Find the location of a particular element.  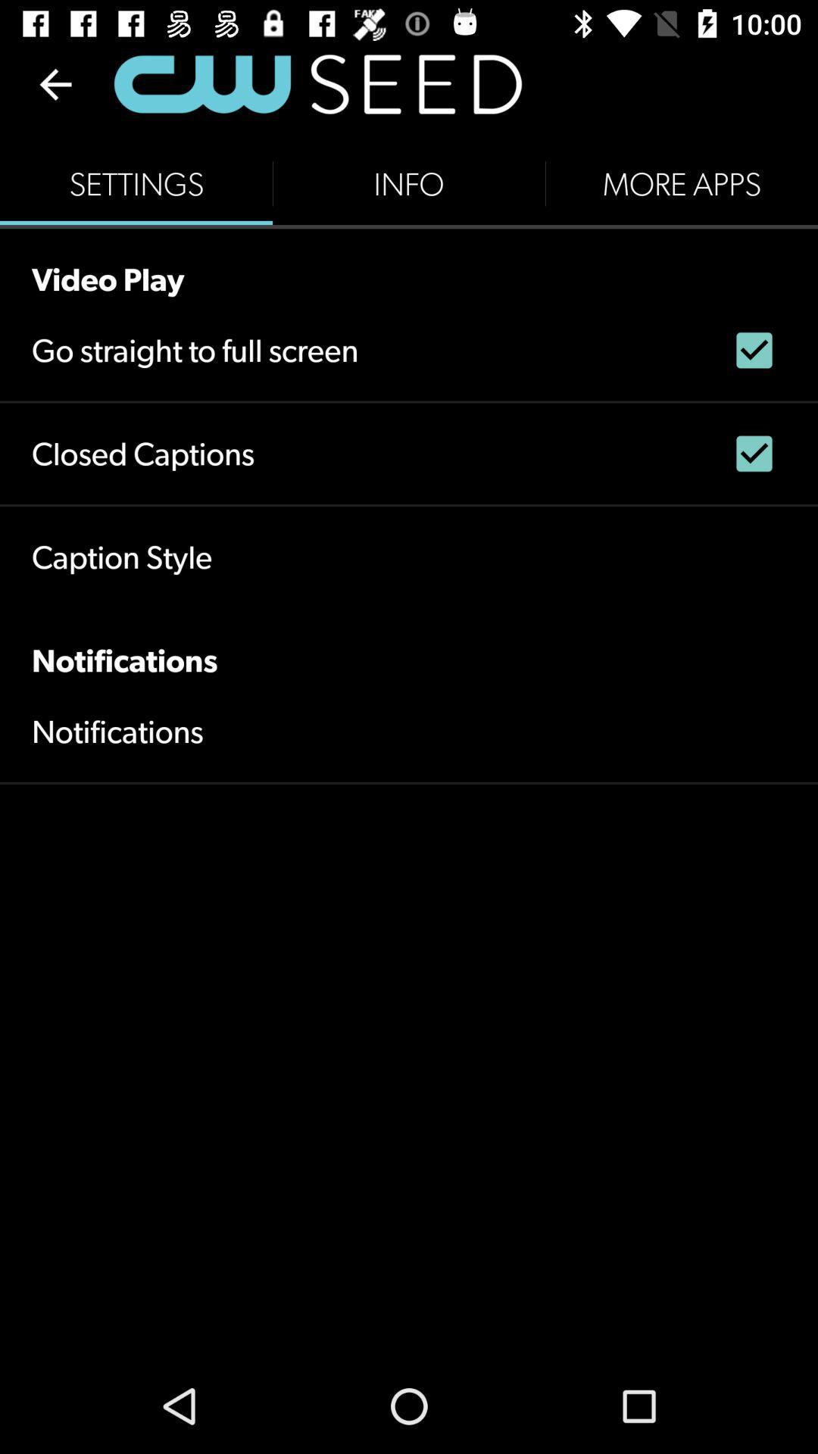

item above the video play is located at coordinates (136, 183).